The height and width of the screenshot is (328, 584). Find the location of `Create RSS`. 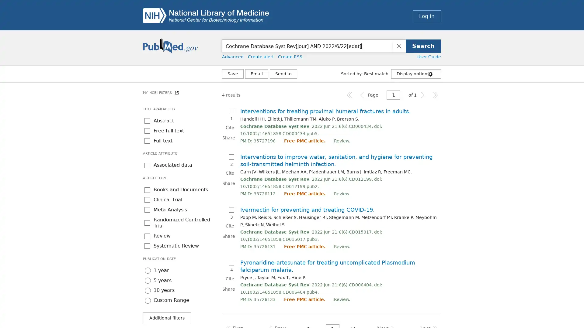

Create RSS is located at coordinates (290, 56).